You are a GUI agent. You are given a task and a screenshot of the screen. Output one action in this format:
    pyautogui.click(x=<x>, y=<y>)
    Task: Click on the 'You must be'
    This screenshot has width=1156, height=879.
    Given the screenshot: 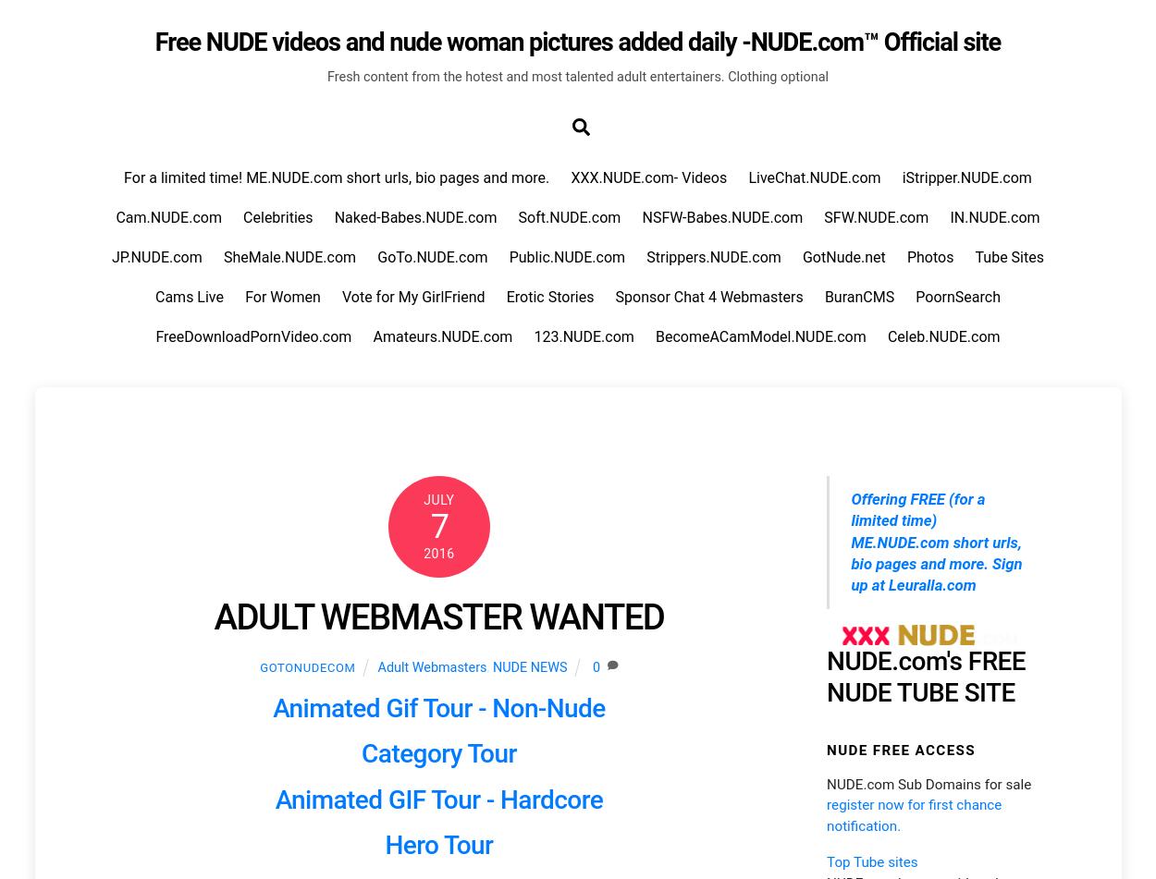 What is the action you would take?
    pyautogui.click(x=141, y=91)
    